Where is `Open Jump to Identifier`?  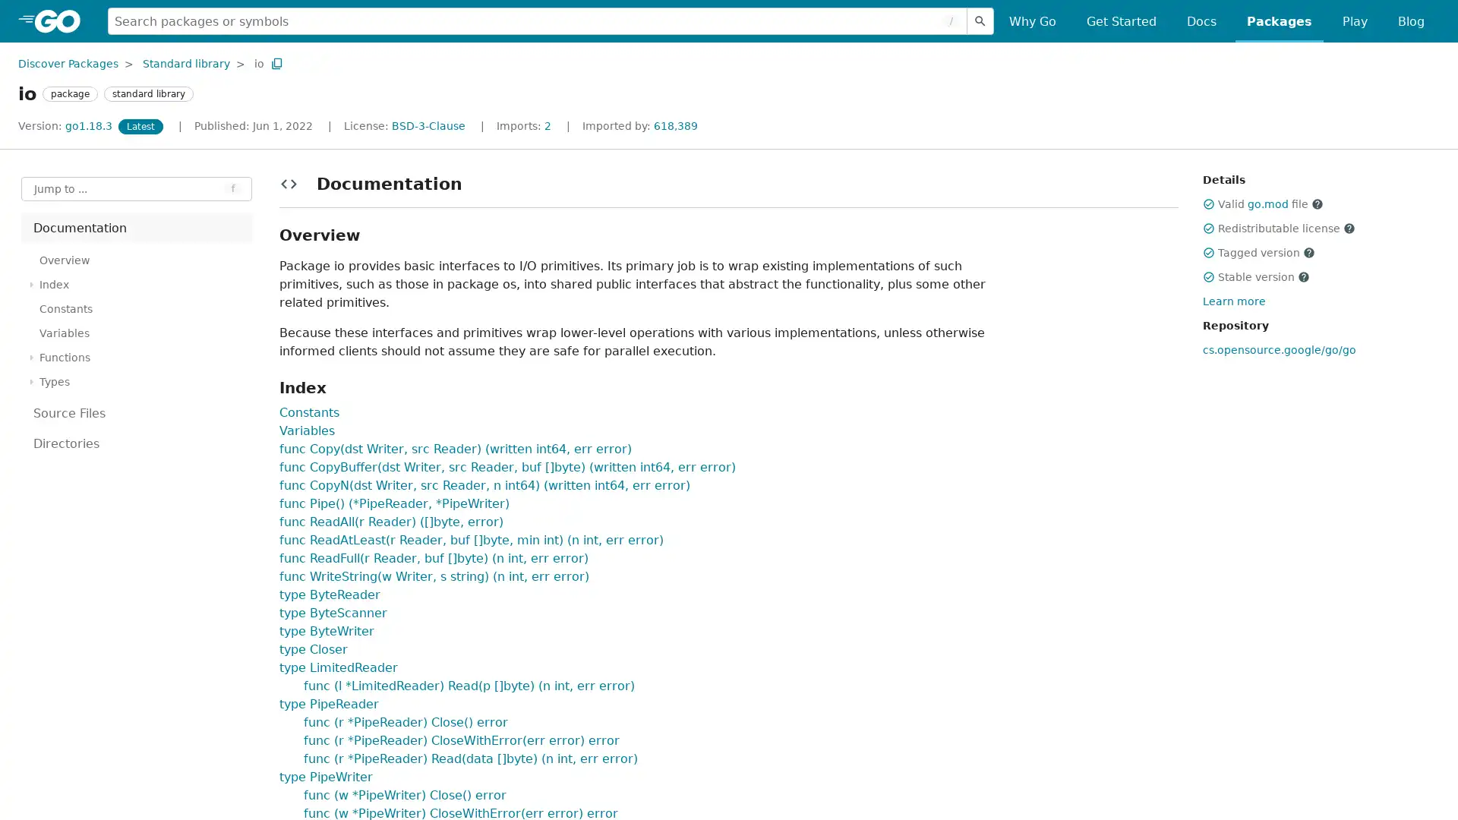
Open Jump to Identifier is located at coordinates (137, 188).